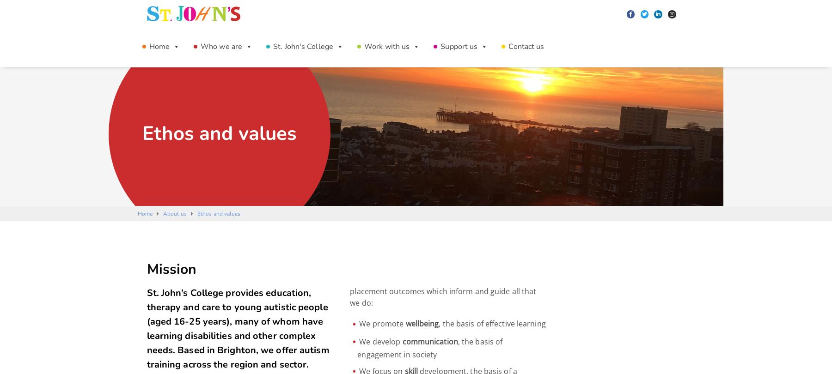  Describe the element at coordinates (361, 76) in the screenshot. I see `'Careers and staff development'` at that location.